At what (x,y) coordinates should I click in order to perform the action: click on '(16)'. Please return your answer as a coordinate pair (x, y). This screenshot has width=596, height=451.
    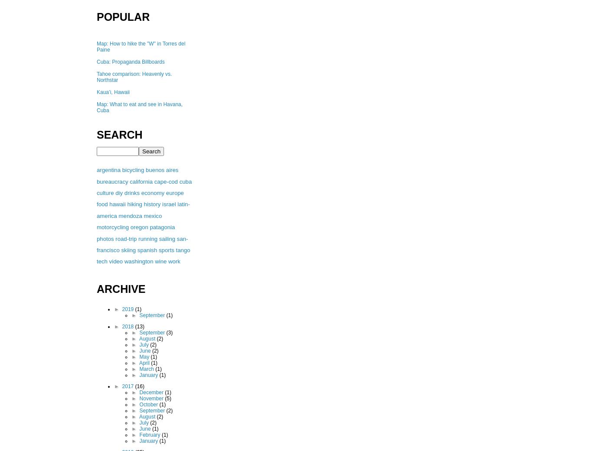
    Looking at the image, I should click on (139, 386).